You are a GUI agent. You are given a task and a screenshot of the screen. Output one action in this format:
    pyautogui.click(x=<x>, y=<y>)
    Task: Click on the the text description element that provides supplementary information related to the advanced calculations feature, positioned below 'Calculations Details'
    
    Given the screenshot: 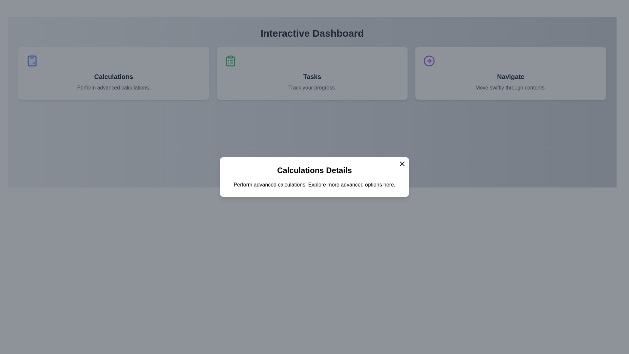 What is the action you would take?
    pyautogui.click(x=314, y=185)
    